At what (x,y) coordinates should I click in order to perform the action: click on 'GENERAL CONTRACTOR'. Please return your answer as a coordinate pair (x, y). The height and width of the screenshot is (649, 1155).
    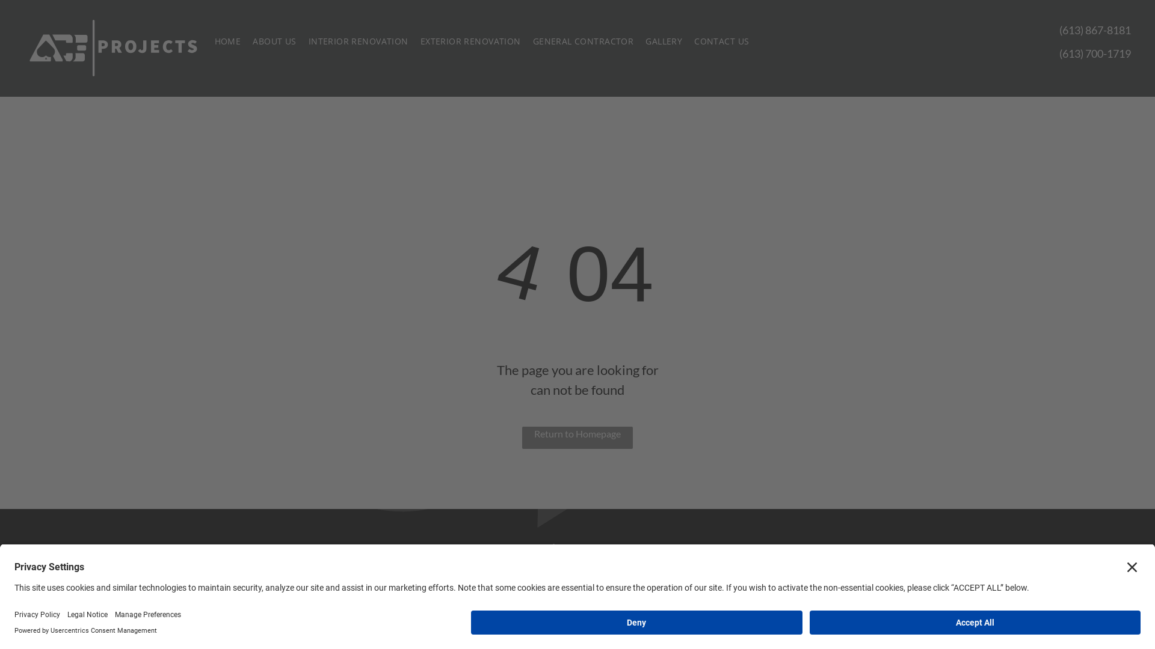
    Looking at the image, I should click on (526, 40).